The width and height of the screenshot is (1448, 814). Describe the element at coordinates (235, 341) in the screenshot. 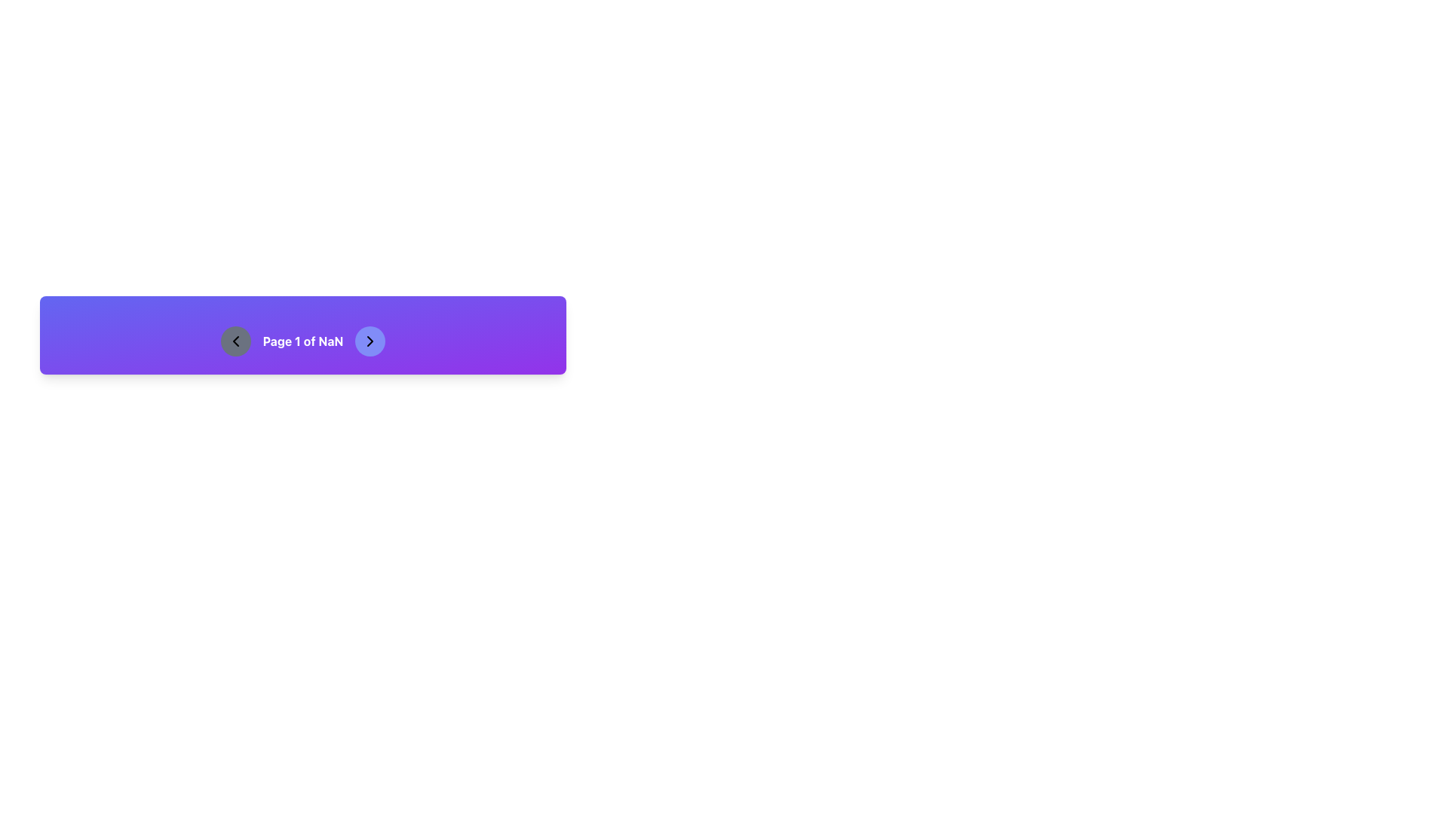

I see `the small circular button with a left-facing chevron icon, which has a grayish background and appears disabled, located to the left of the text 'Page 1 of NaN'` at that location.